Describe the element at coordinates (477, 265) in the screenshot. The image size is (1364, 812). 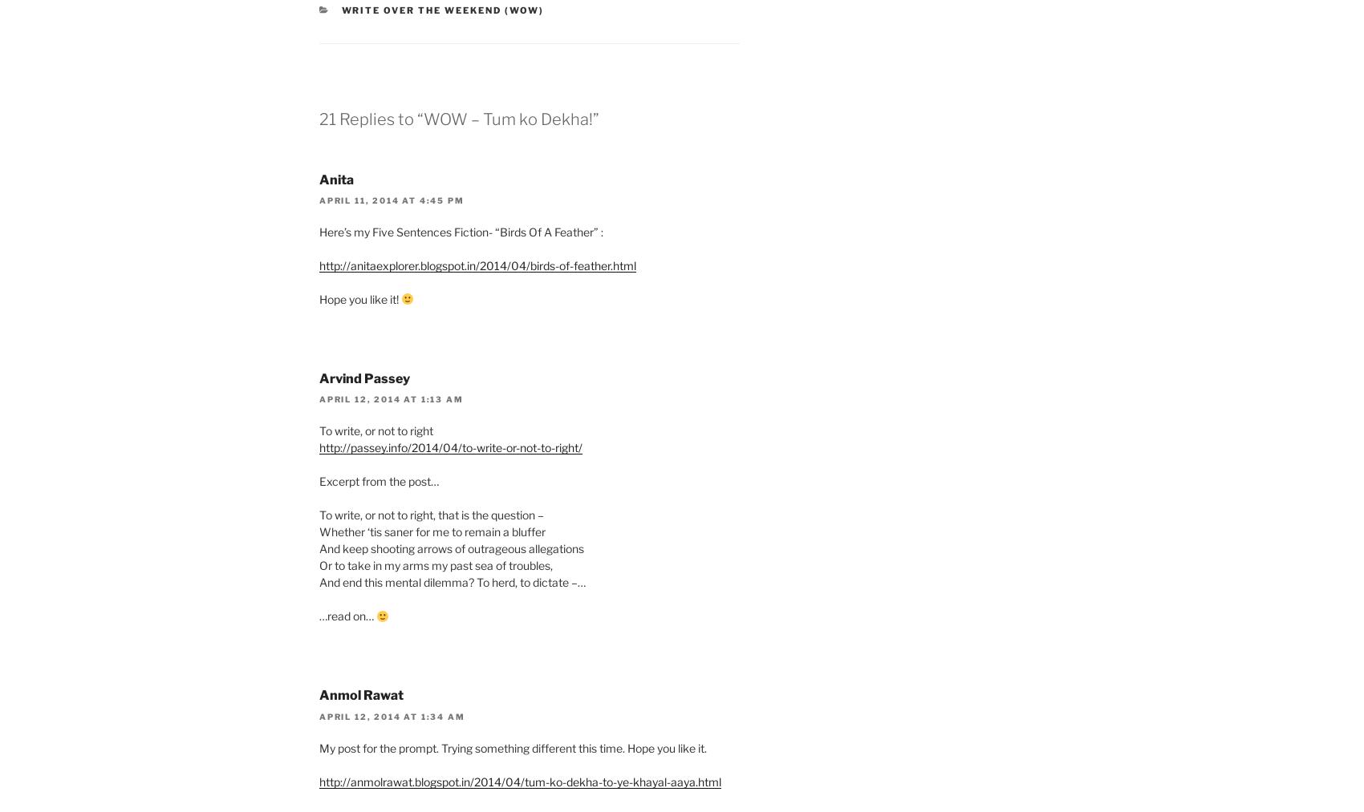
I see `'http://anitaexplorer.blogspot.in/2014/04/birds-of-feather.html'` at that location.